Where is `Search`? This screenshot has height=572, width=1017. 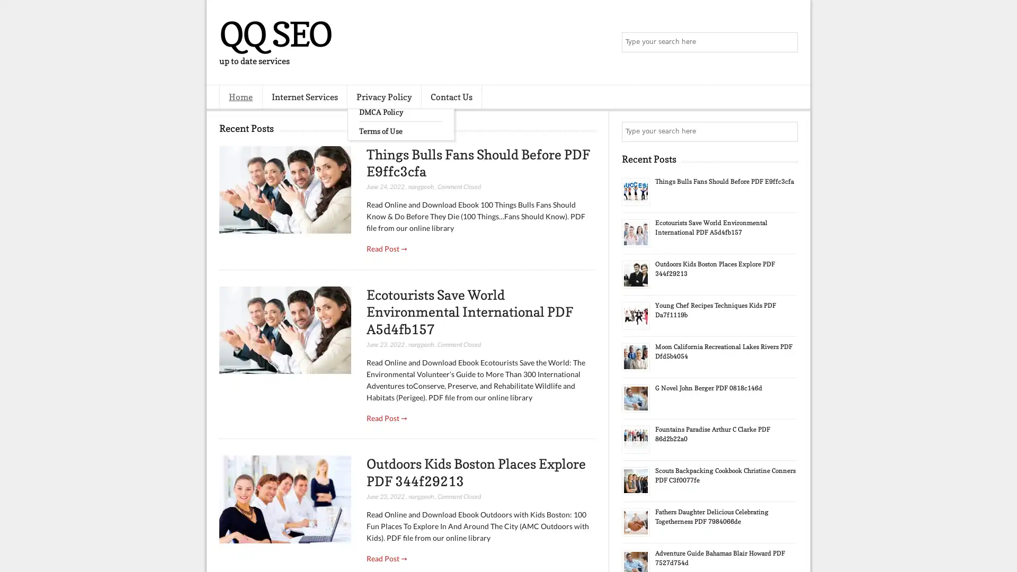 Search is located at coordinates (787, 42).